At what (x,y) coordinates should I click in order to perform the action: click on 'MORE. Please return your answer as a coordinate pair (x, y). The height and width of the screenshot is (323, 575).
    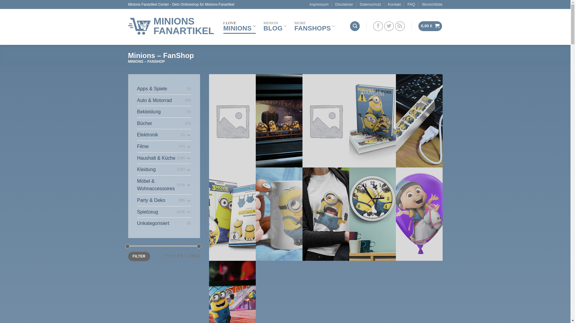
    Looking at the image, I should click on (314, 26).